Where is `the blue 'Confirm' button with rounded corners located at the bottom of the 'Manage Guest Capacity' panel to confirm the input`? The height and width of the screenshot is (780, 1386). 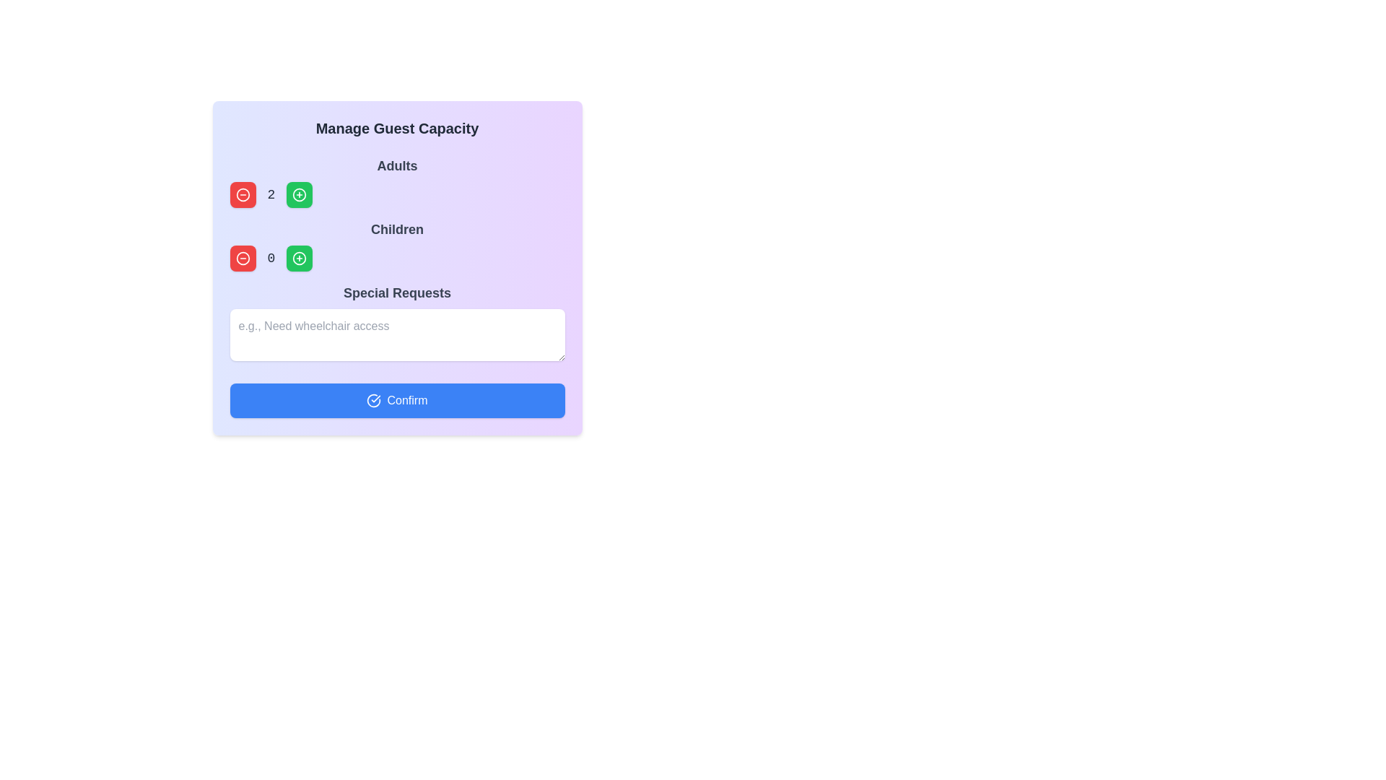 the blue 'Confirm' button with rounded corners located at the bottom of the 'Manage Guest Capacity' panel to confirm the input is located at coordinates (397, 401).